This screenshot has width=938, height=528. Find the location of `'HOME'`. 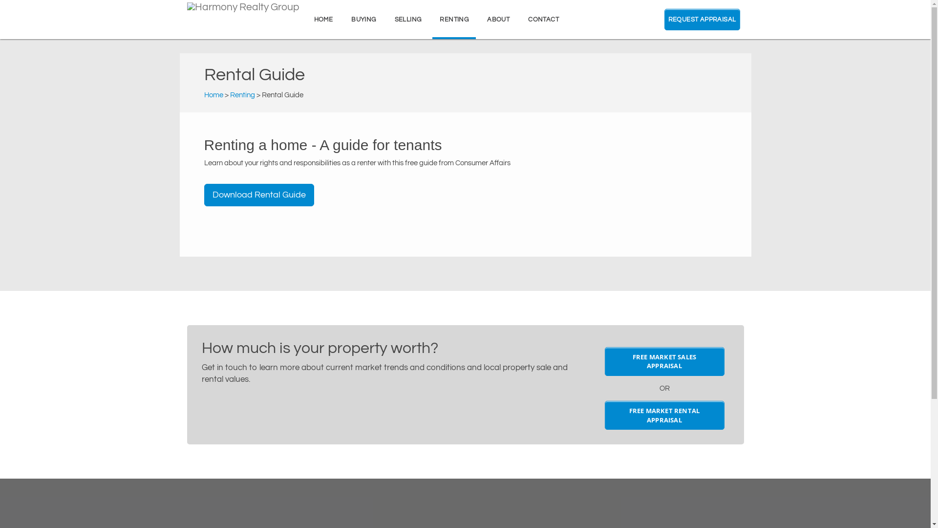

'HOME' is located at coordinates (306, 19).